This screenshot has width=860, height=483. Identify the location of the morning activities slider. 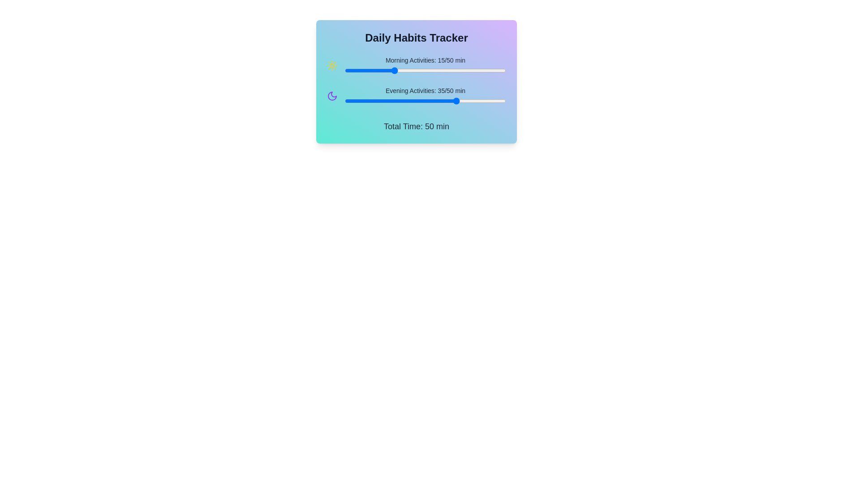
(348, 70).